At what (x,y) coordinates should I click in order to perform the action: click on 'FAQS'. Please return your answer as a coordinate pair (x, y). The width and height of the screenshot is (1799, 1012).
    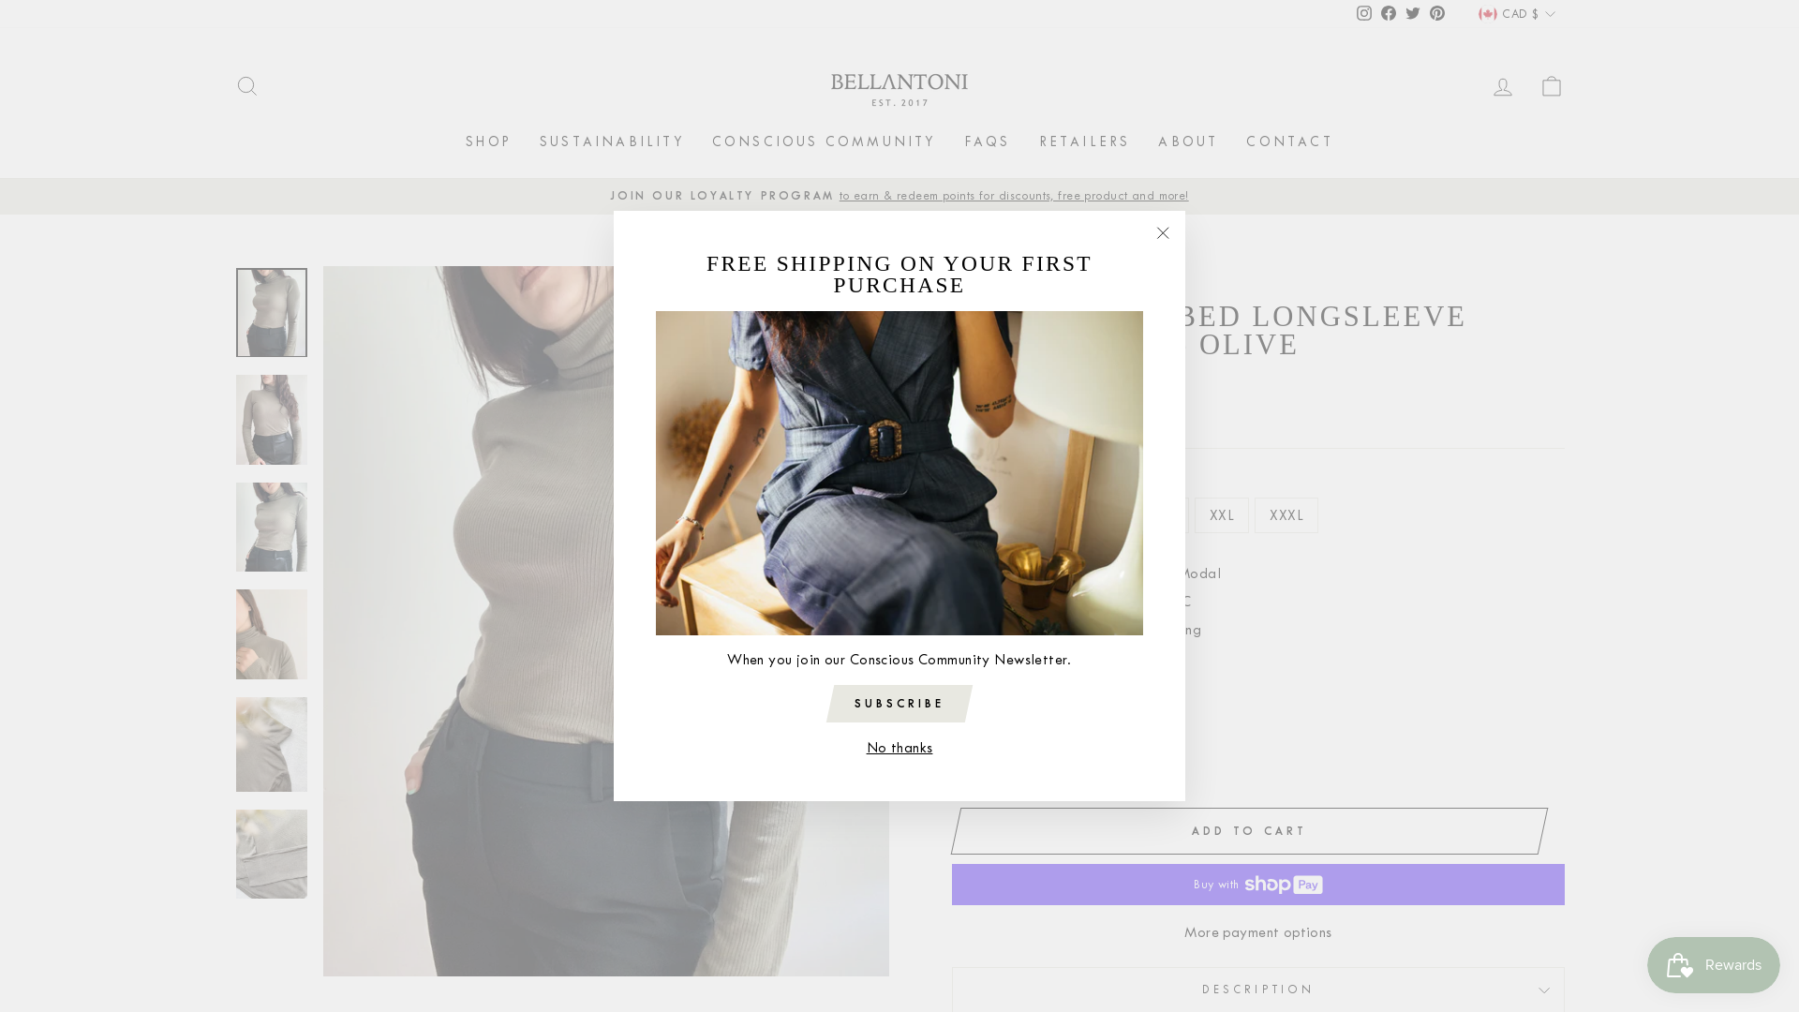
    Looking at the image, I should click on (987, 141).